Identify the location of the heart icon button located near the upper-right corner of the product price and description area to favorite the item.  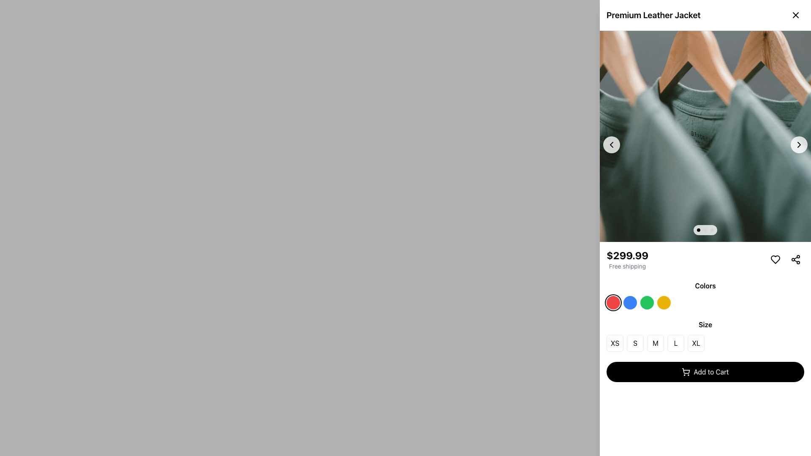
(776, 259).